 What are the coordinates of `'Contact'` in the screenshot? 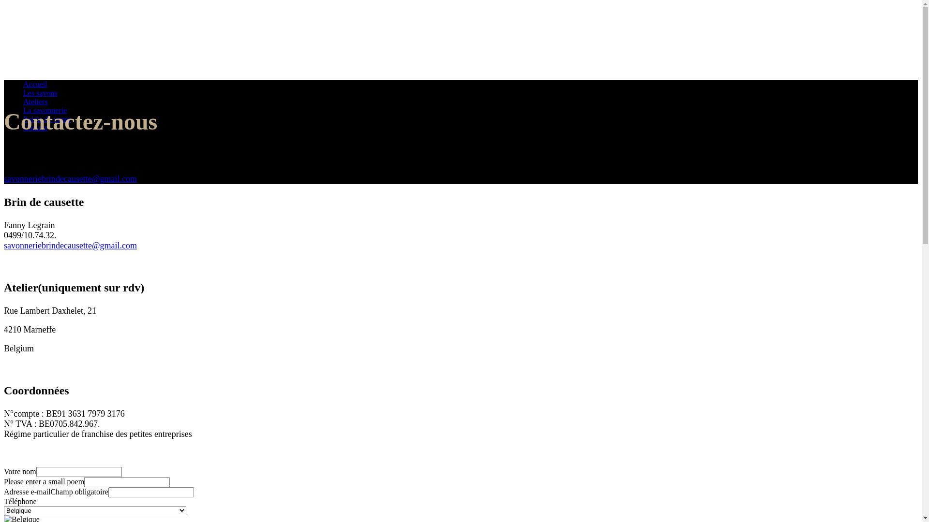 It's located at (35, 127).